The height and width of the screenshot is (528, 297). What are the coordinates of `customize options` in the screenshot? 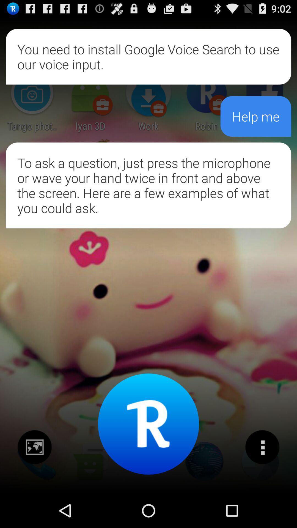 It's located at (262, 447).